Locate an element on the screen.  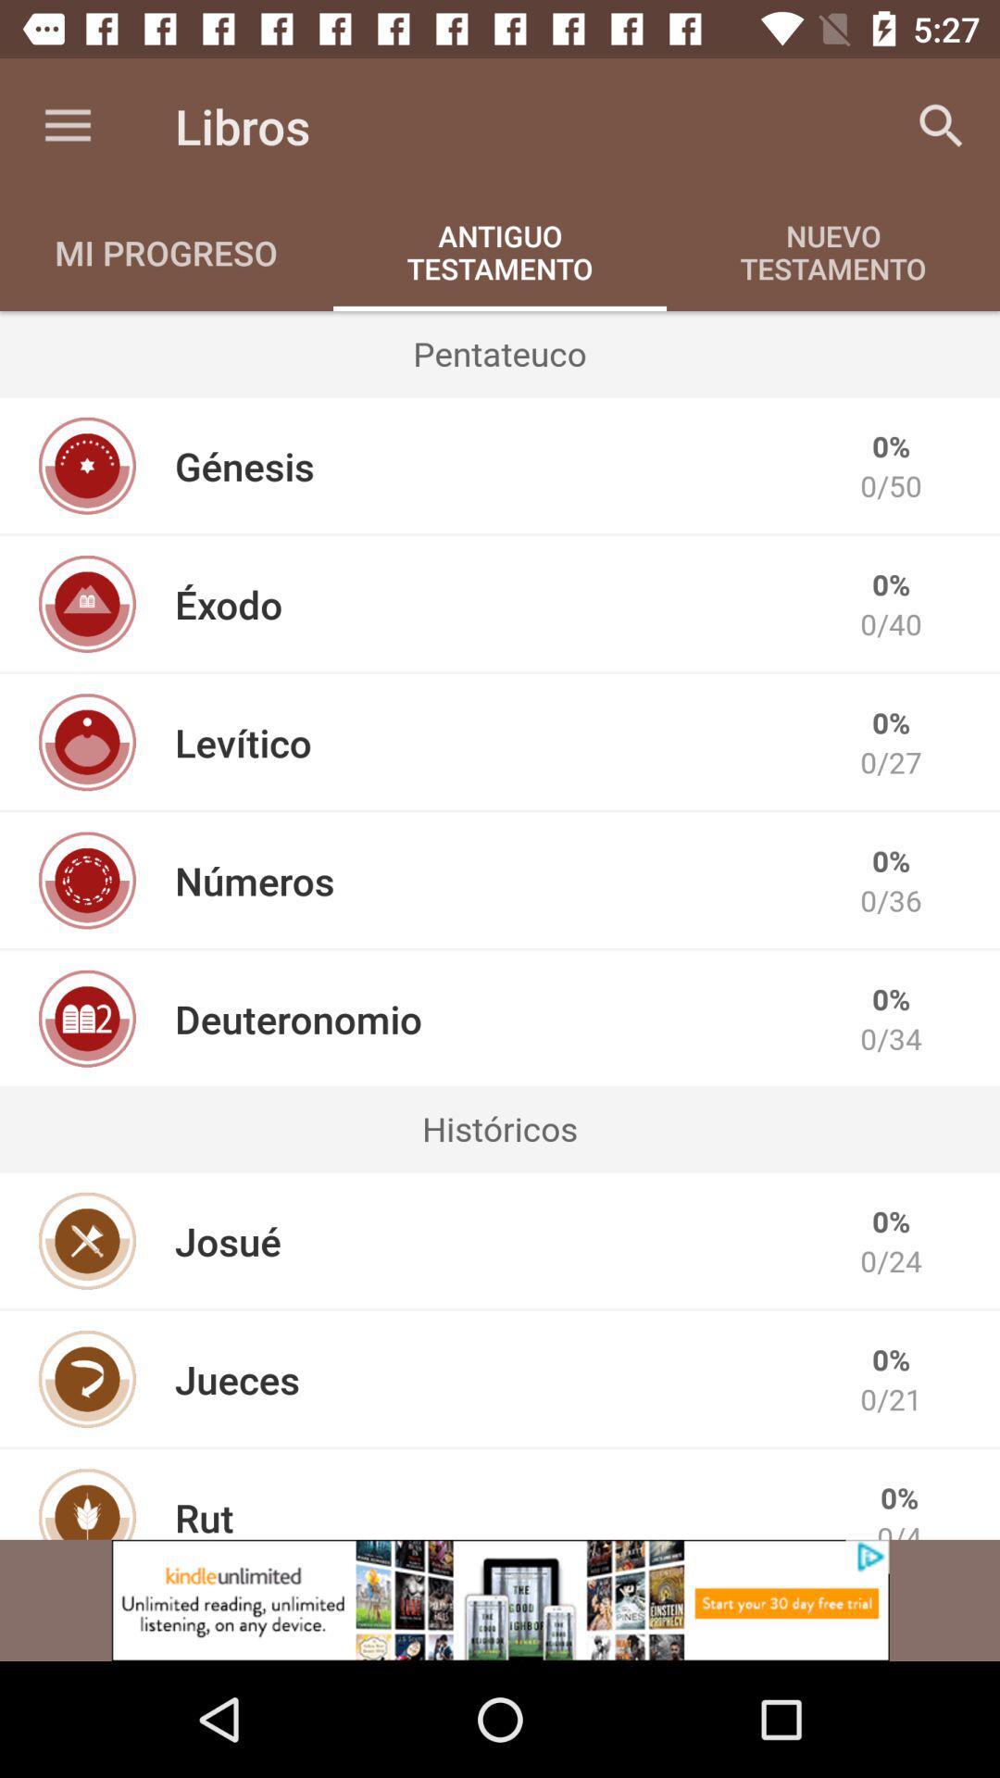
the item next to the 0/21 is located at coordinates (236, 1379).